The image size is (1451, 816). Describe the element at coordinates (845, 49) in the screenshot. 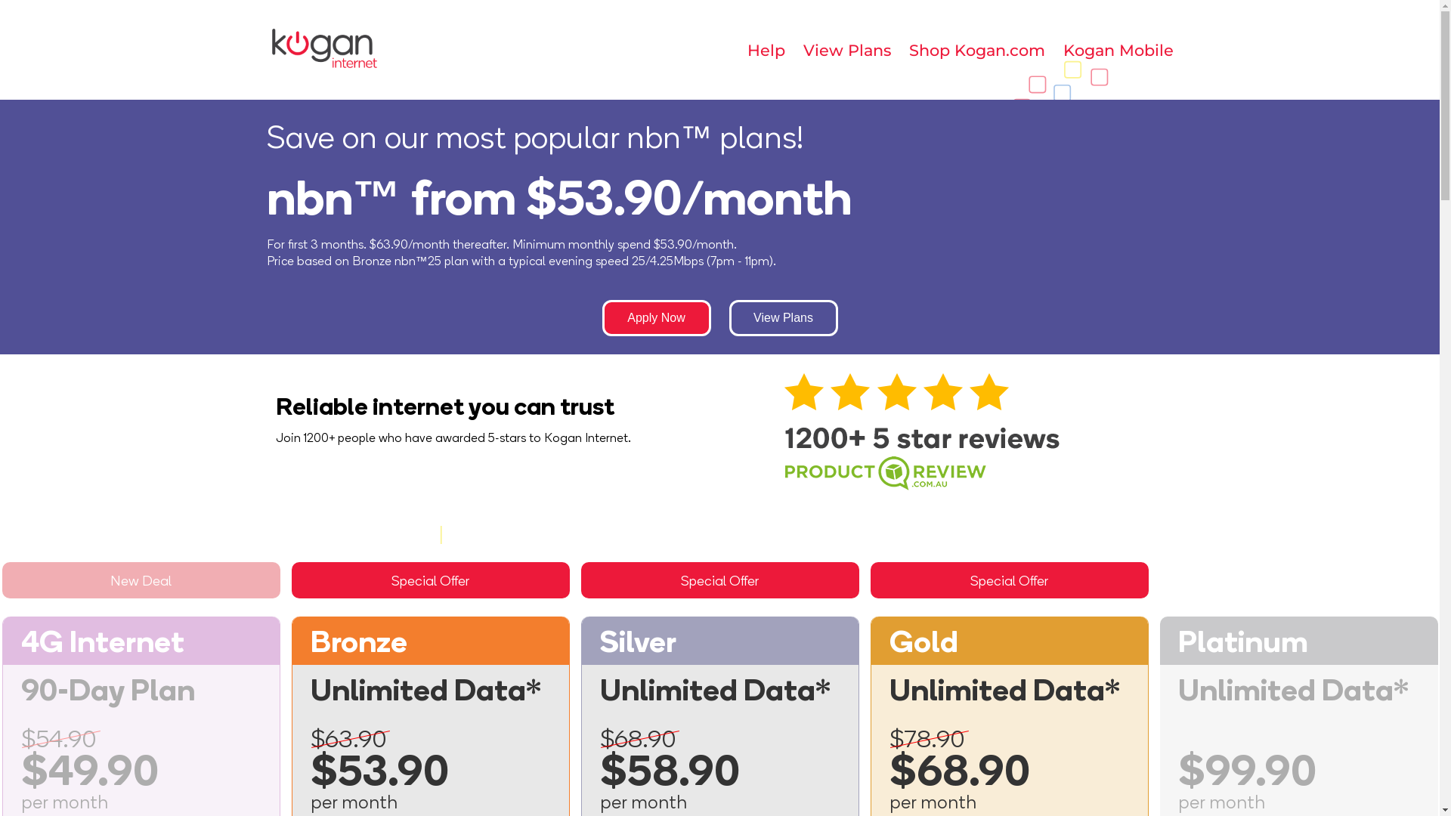

I see `'View Plans'` at that location.